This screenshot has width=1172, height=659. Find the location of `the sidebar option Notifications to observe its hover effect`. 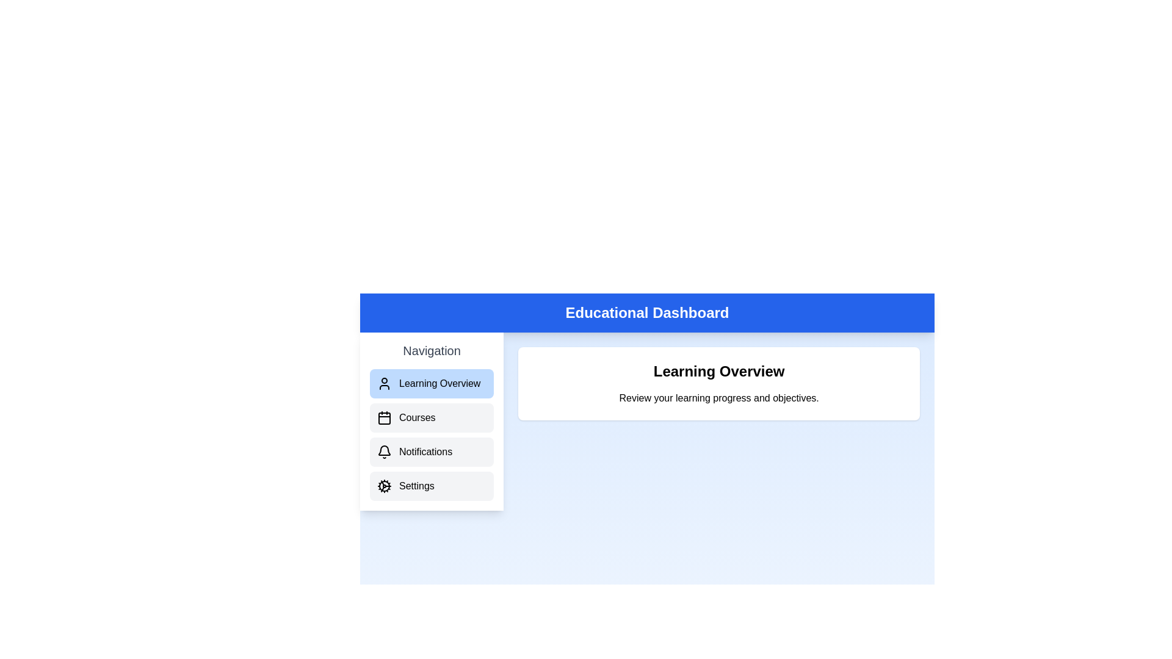

the sidebar option Notifications to observe its hover effect is located at coordinates (432, 452).